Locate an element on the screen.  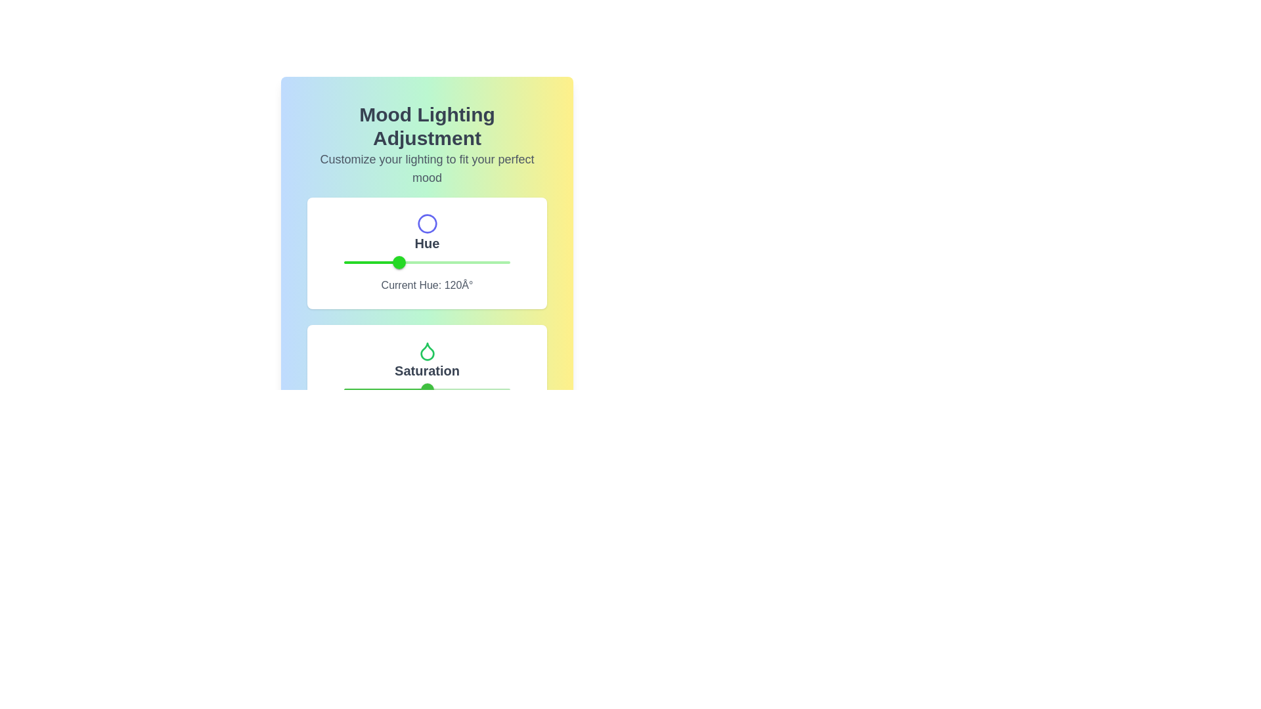
the hue is located at coordinates (426, 263).